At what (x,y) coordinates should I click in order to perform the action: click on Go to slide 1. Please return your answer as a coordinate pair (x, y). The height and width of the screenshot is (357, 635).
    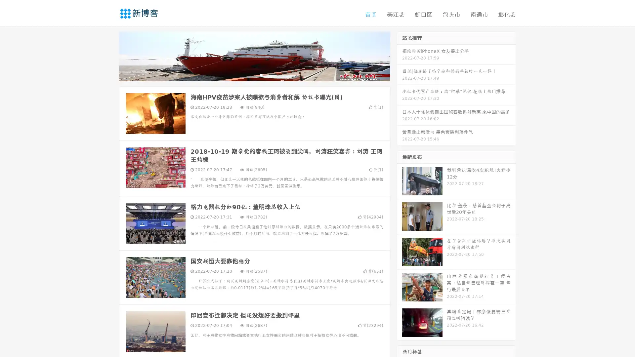
    Looking at the image, I should click on (247, 74).